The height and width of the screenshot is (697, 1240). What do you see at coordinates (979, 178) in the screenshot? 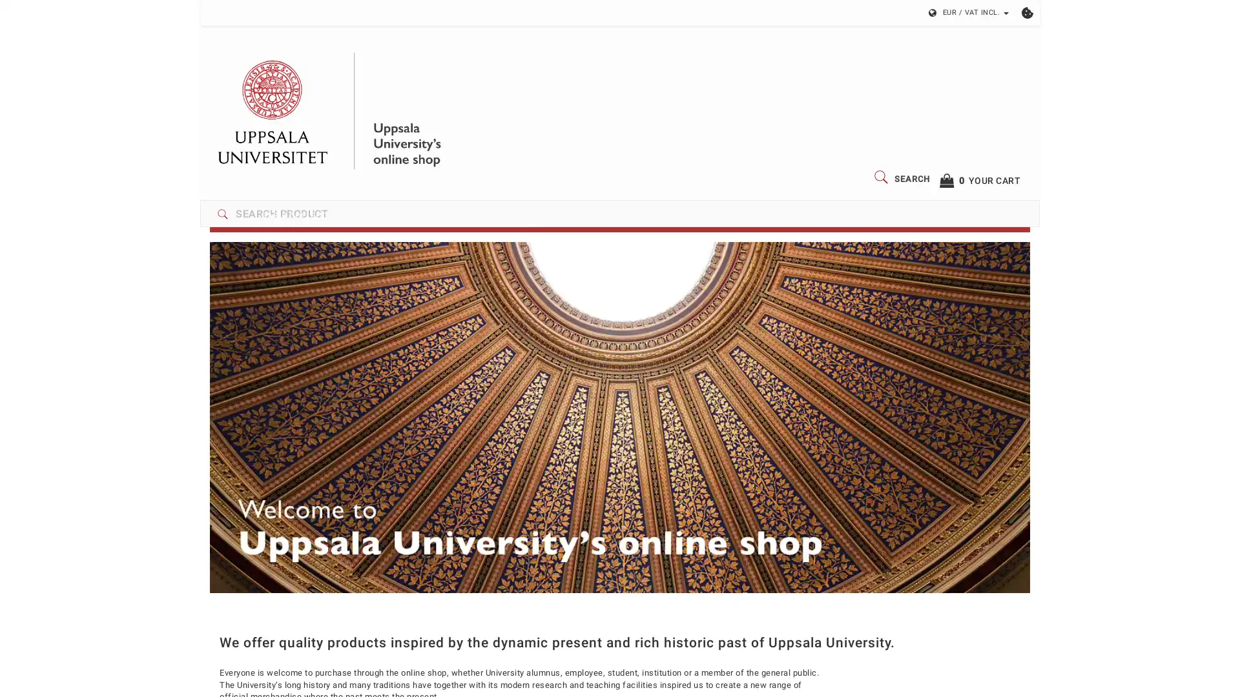
I see `0YOUR CART` at bounding box center [979, 178].